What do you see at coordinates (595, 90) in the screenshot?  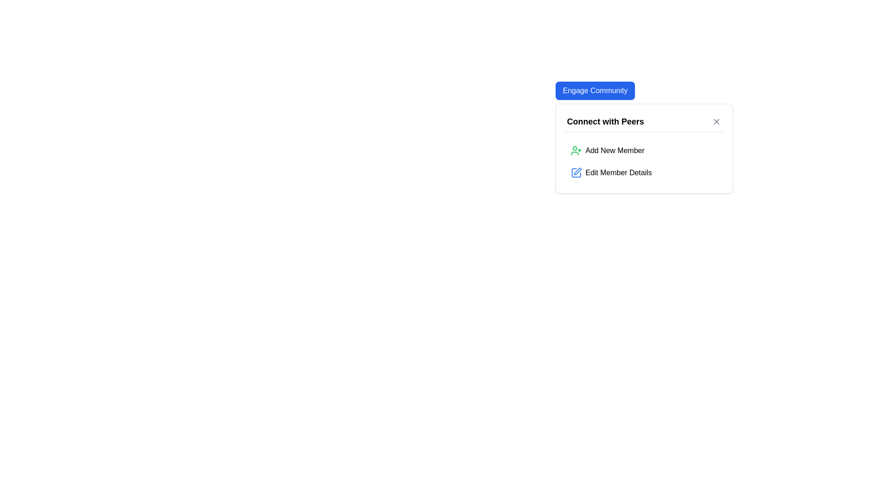 I see `the 'Engage Community' button, which is a rectangular button with white text on a blue background, located at the top-left part of a pop-up UI section` at bounding box center [595, 90].